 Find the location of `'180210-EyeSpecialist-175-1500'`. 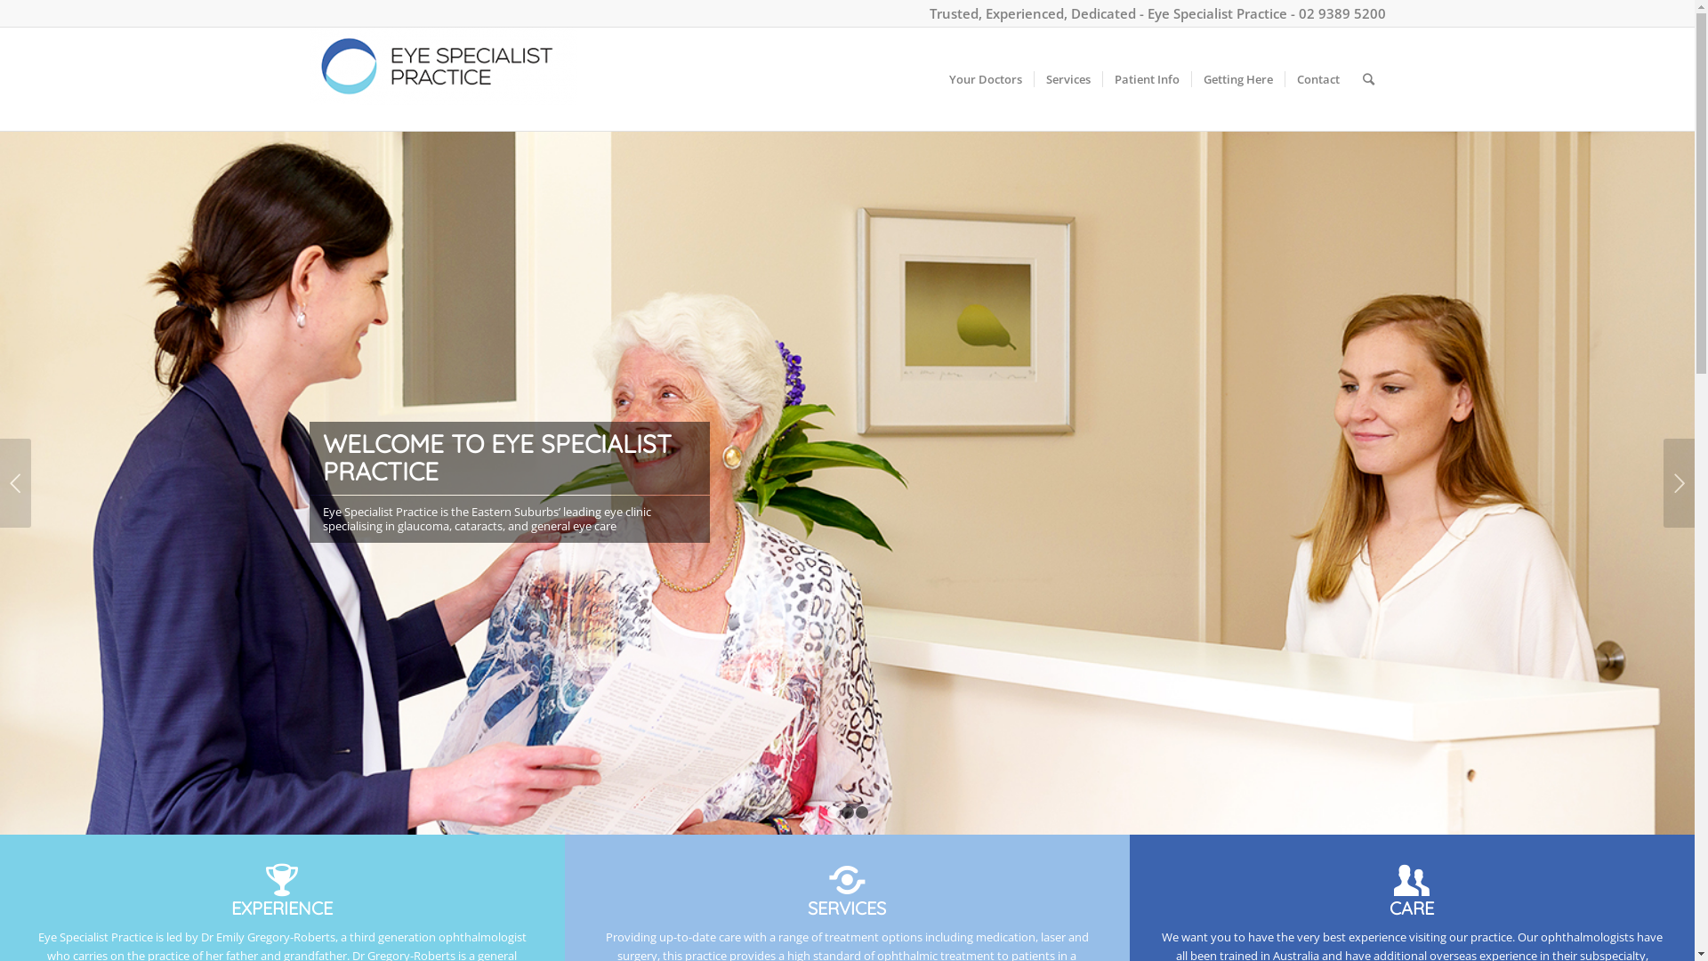

'180210-EyeSpecialist-175-1500' is located at coordinates (846, 482).